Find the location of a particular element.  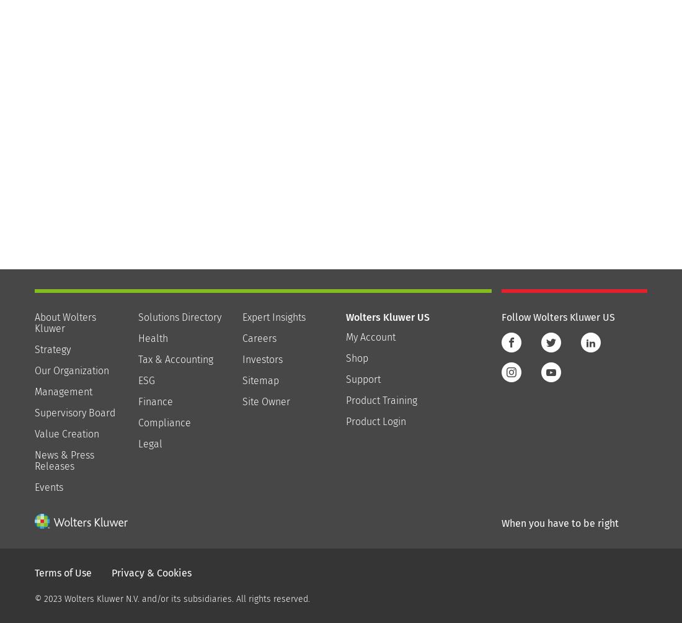

'Our Organization' is located at coordinates (33, 370).